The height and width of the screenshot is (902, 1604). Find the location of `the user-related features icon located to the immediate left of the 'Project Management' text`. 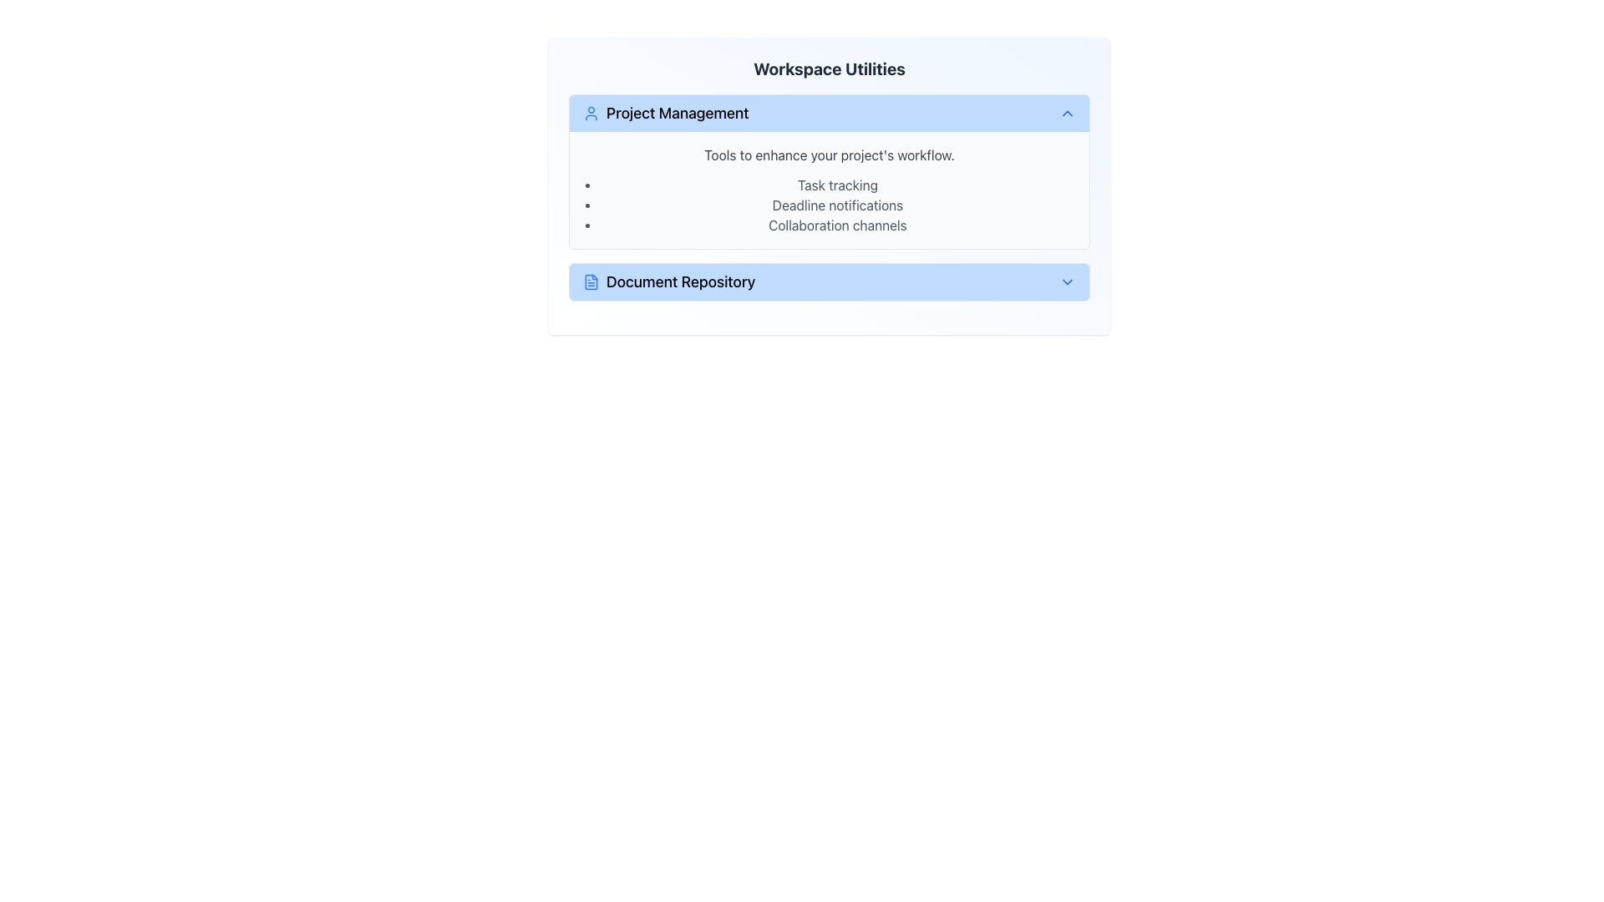

the user-related features icon located to the immediate left of the 'Project Management' text is located at coordinates (591, 113).